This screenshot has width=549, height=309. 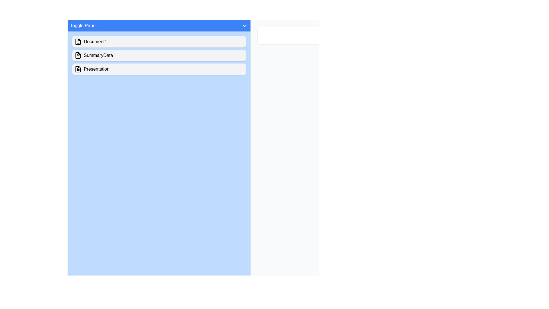 What do you see at coordinates (159, 41) in the screenshot?
I see `the button labeled 'Document1' that is styled with a rounded rectangle and light gray background, located at the top of a vertical stack of similar elements` at bounding box center [159, 41].